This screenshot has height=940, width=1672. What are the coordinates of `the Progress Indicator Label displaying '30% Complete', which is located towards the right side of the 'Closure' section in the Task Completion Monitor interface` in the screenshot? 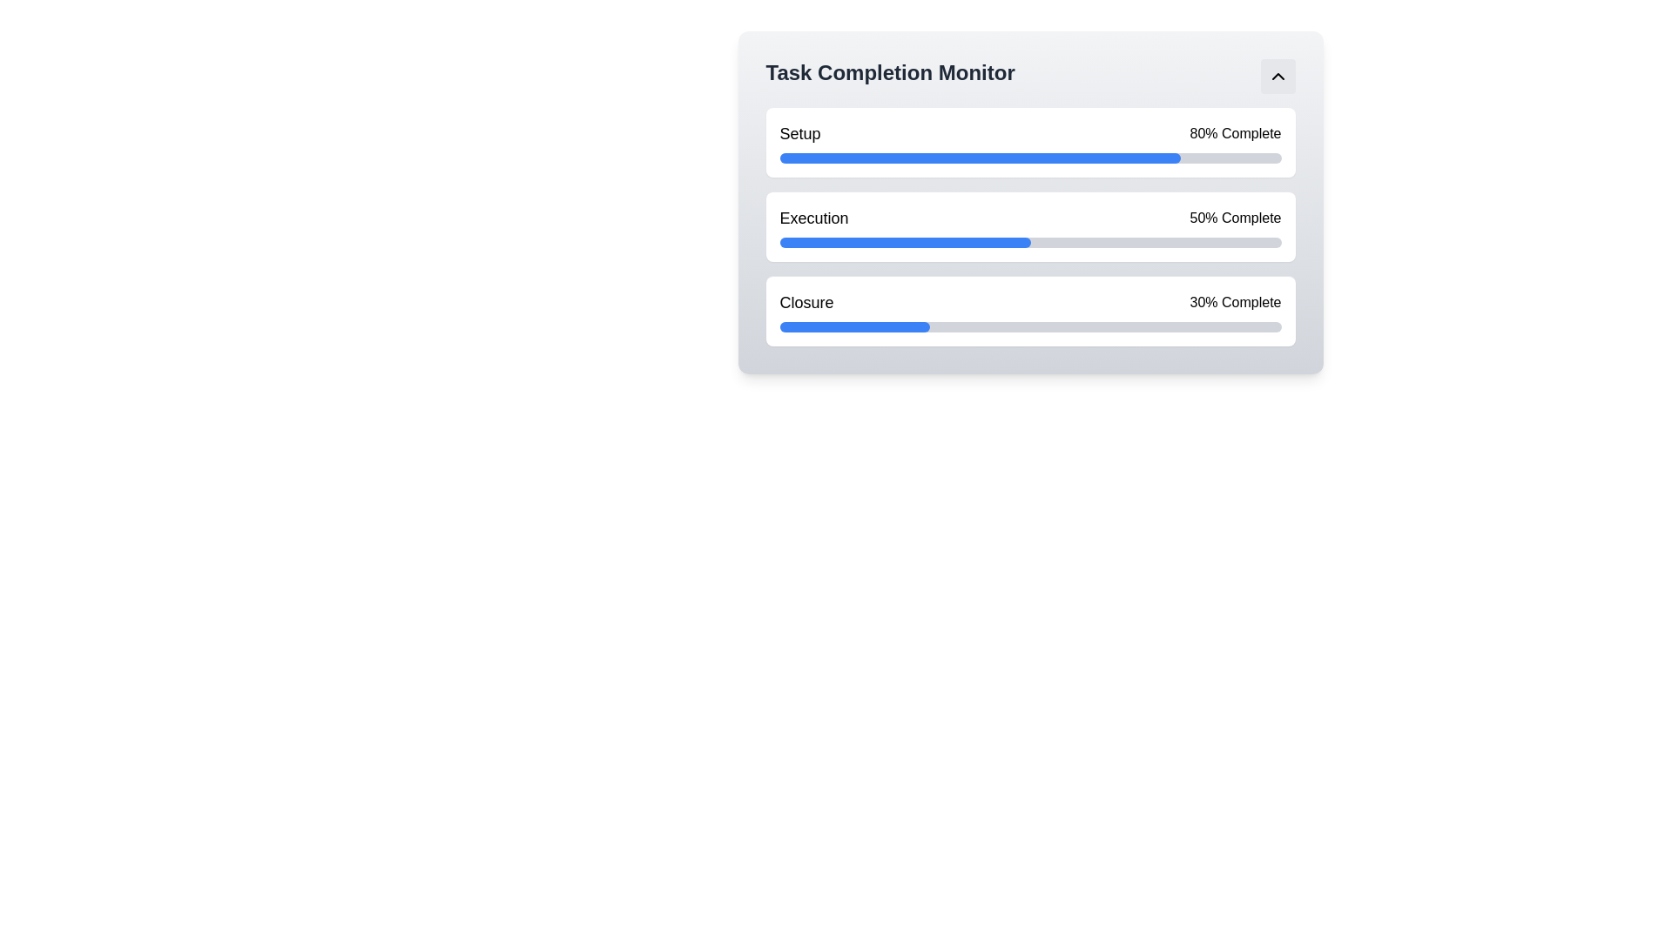 It's located at (1235, 301).